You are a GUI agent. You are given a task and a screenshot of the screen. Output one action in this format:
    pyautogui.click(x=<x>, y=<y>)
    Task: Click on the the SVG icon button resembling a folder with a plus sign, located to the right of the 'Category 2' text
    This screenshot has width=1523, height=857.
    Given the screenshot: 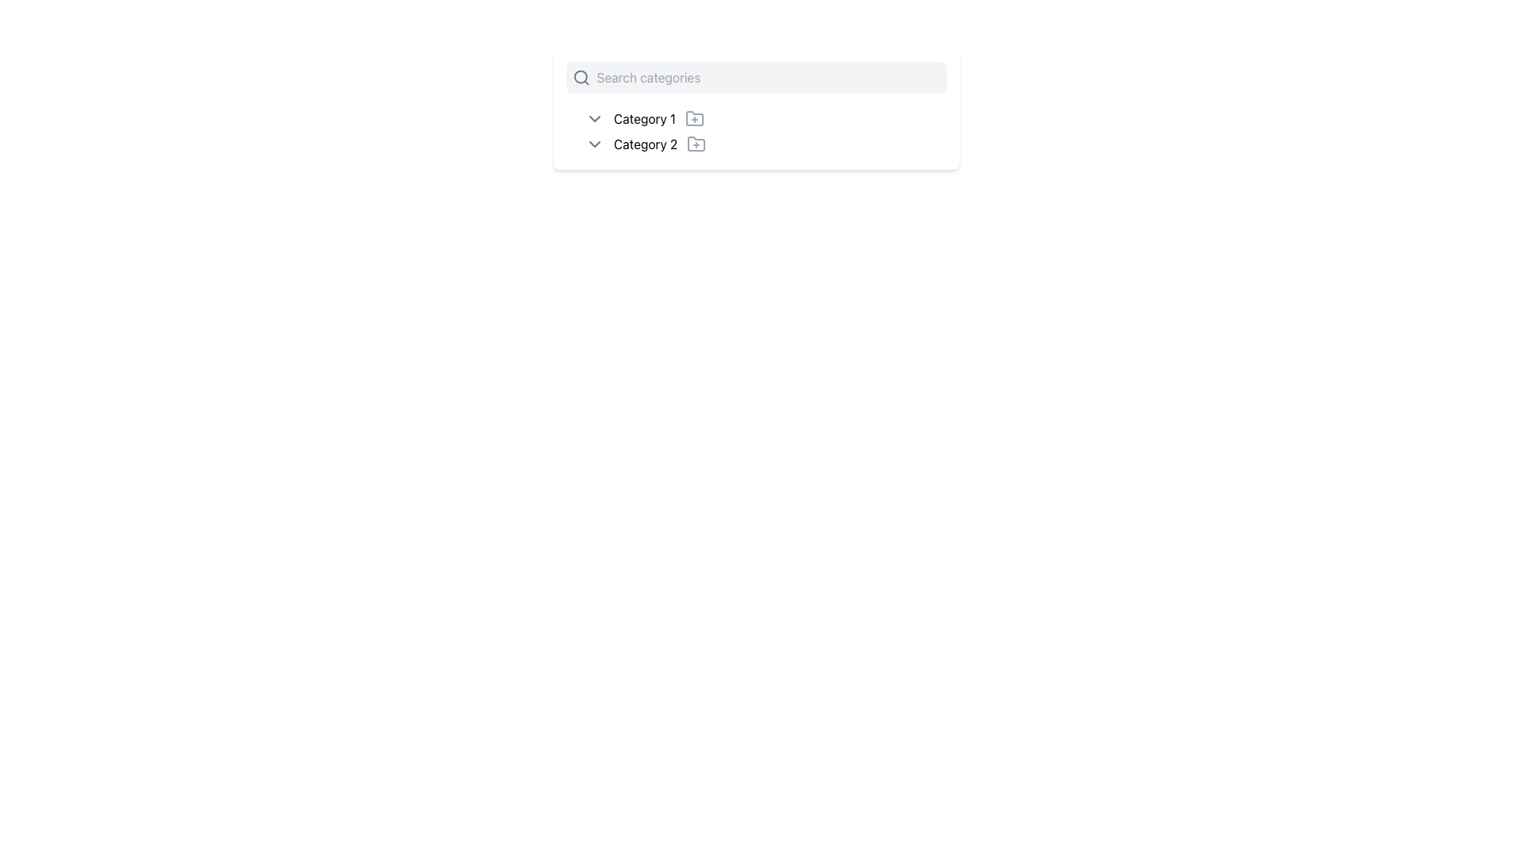 What is the action you would take?
    pyautogui.click(x=696, y=144)
    